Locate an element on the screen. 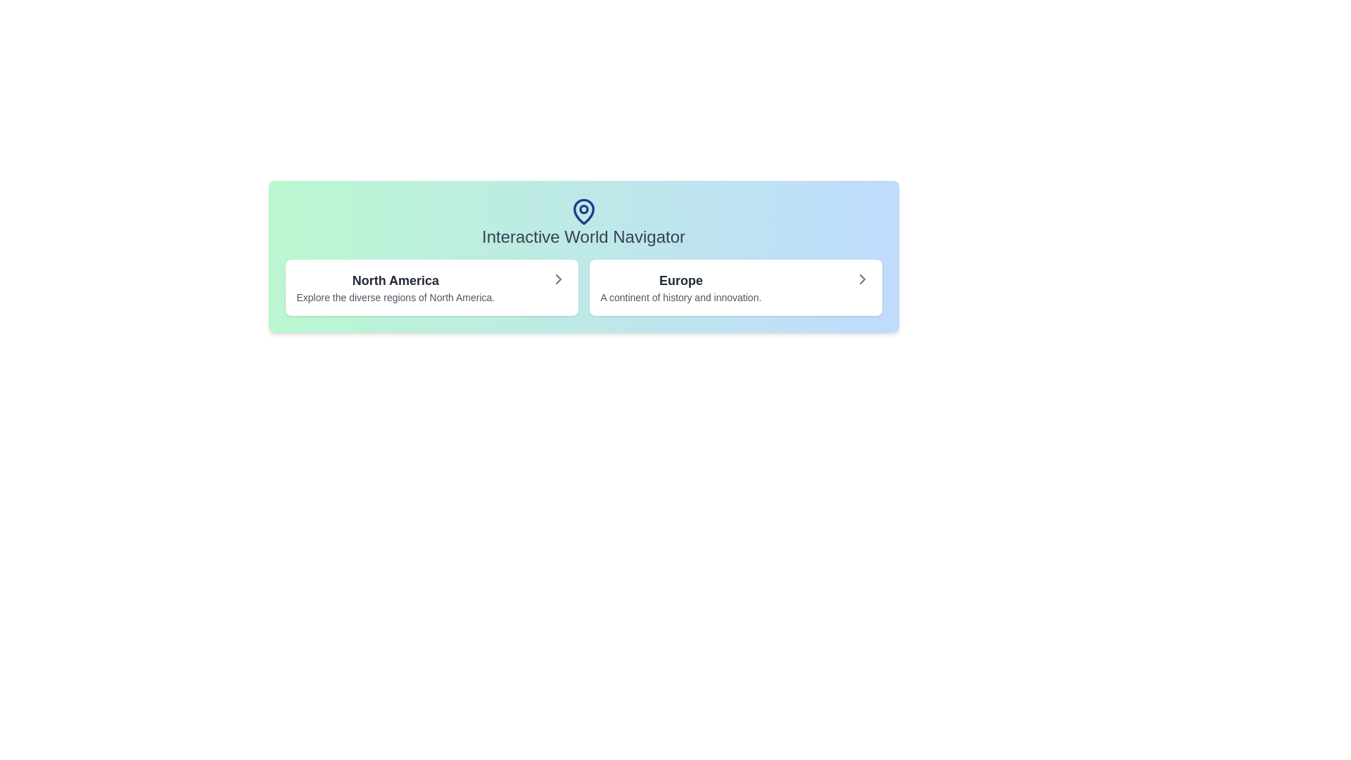 The height and width of the screenshot is (760, 1351). the 'Europe' card, which is the second selection option in the horizontal layout under 'Interactive World Navigator' is located at coordinates (735, 286).